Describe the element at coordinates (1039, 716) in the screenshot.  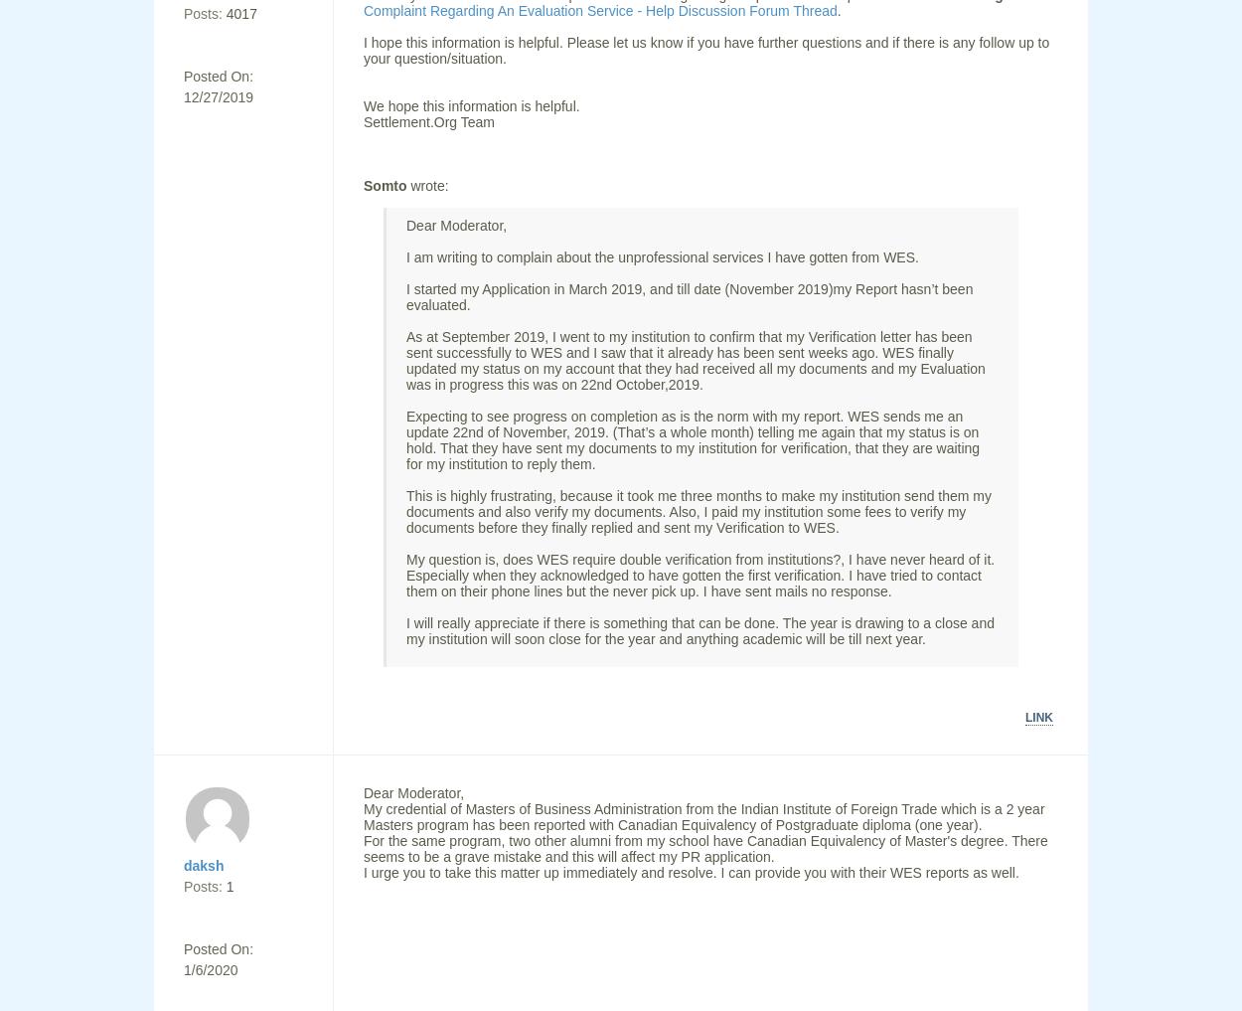
I see `'link'` at that location.